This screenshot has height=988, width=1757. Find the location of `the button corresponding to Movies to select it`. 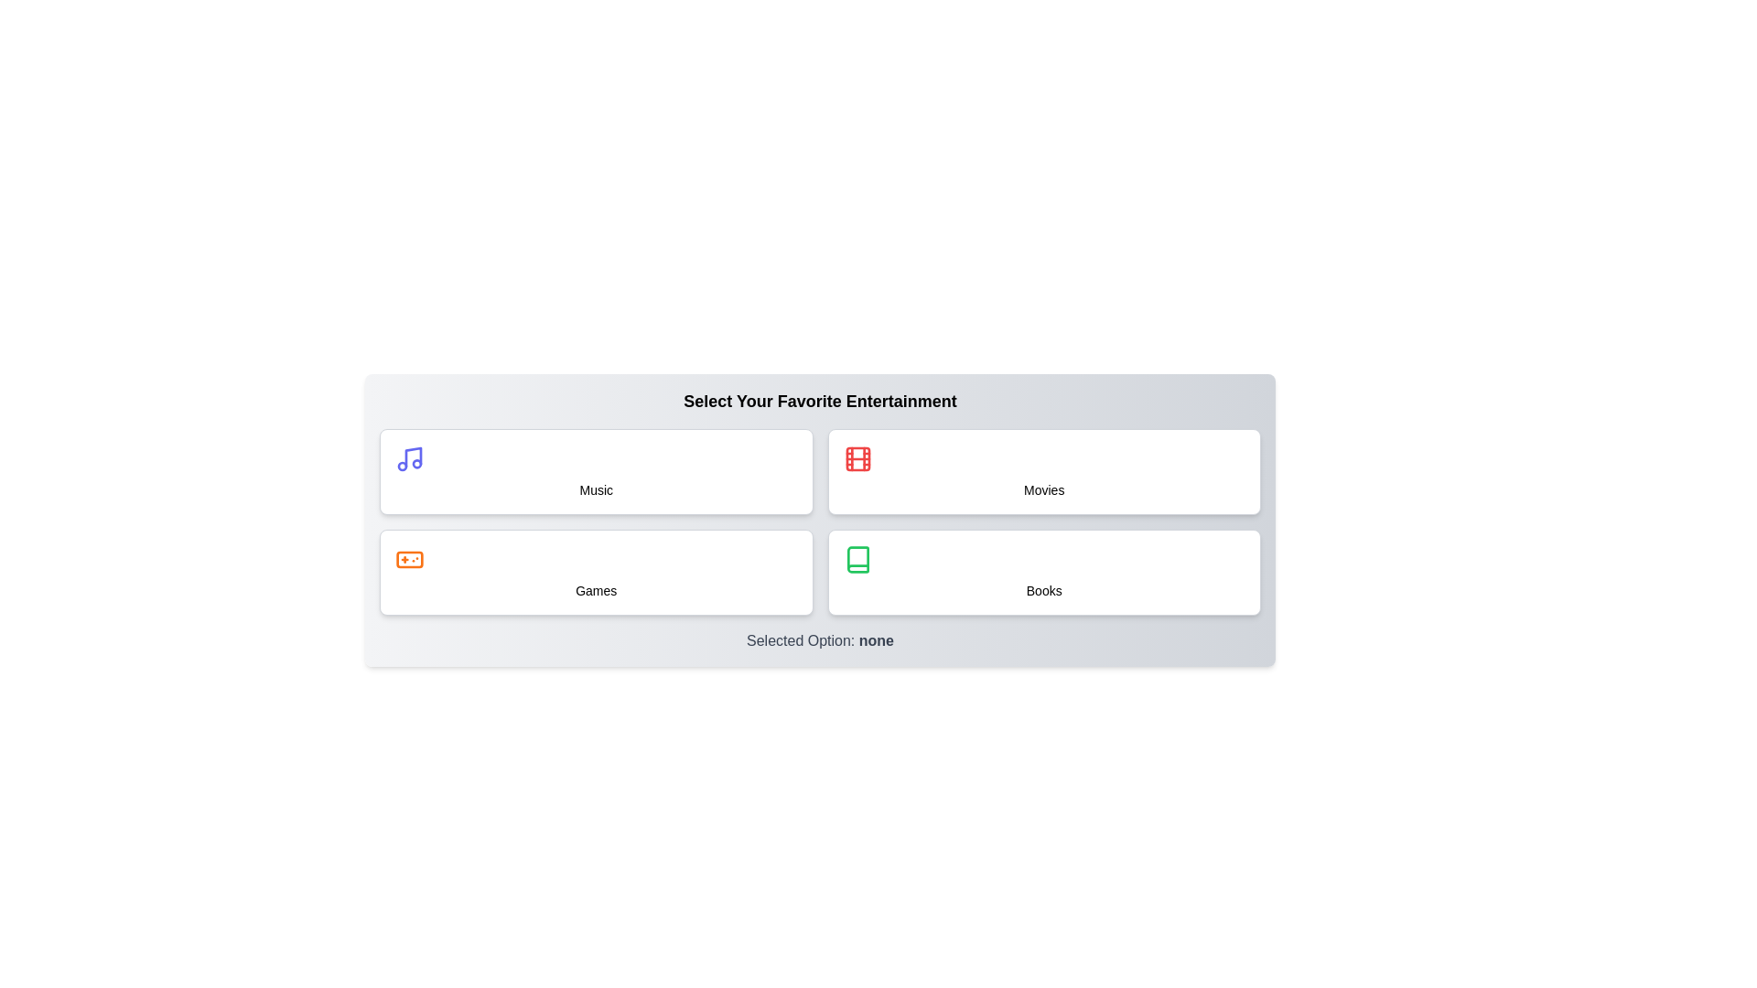

the button corresponding to Movies to select it is located at coordinates (1044, 471).